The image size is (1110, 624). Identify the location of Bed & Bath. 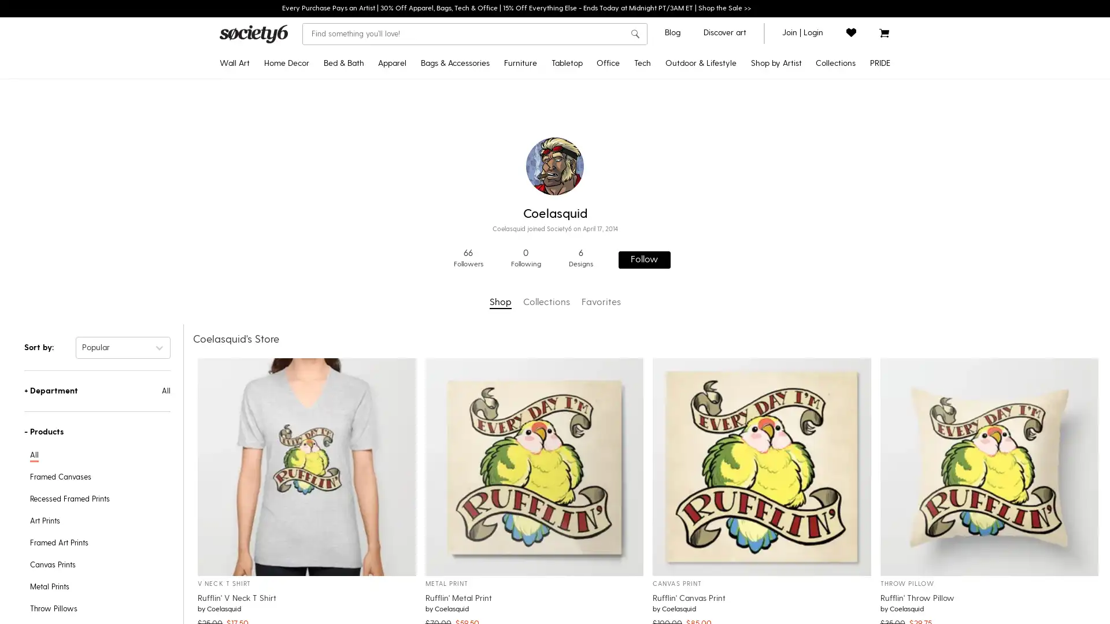
(343, 64).